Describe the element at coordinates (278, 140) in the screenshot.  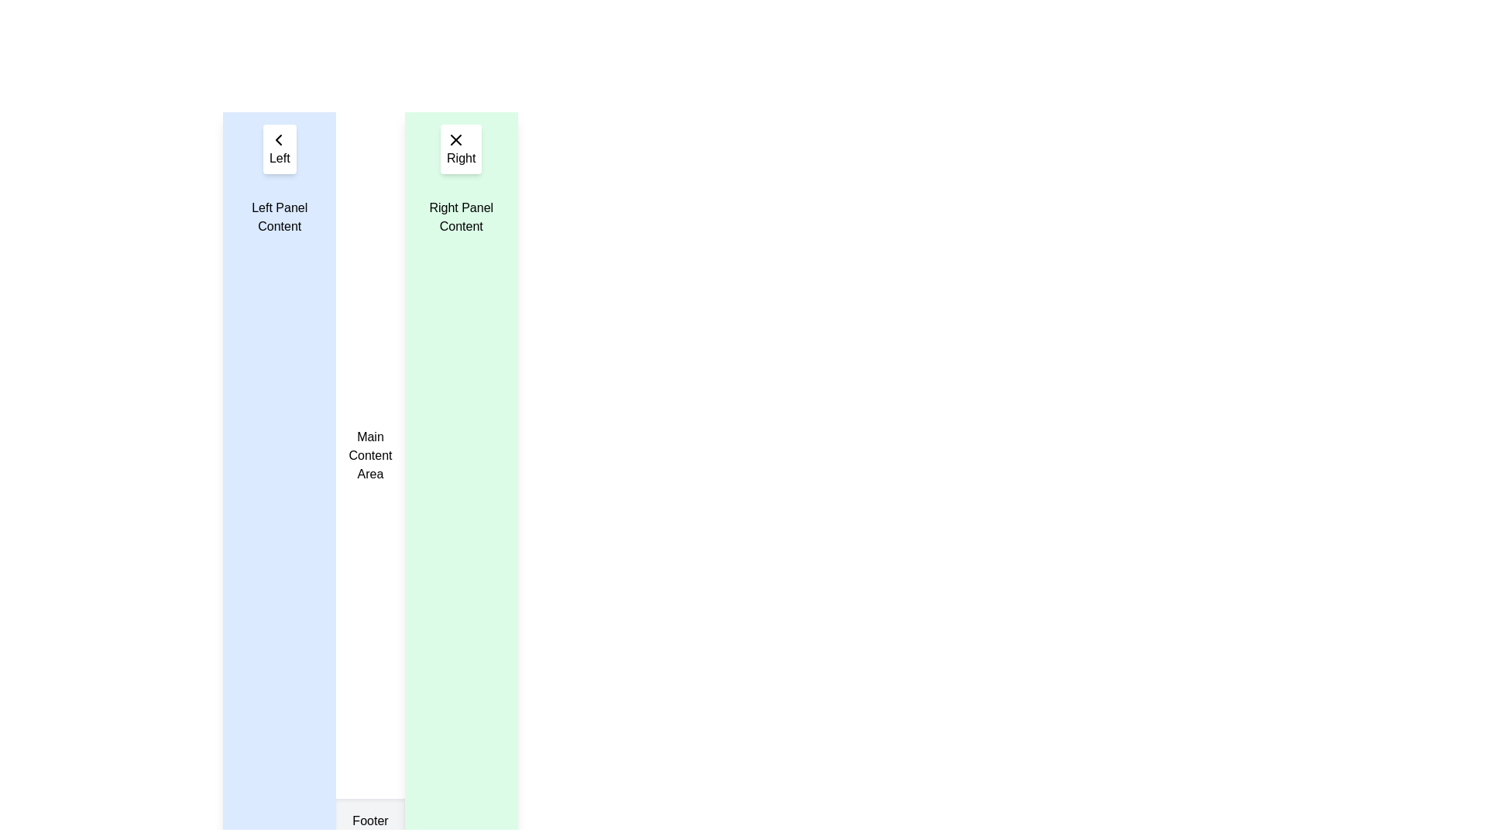
I see `the left-facing chevron icon in the top left corner of the left panel` at that location.